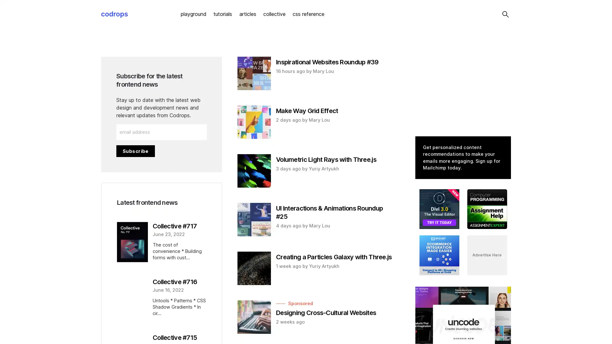  Describe the element at coordinates (135, 151) in the screenshot. I see `Subscribe` at that location.